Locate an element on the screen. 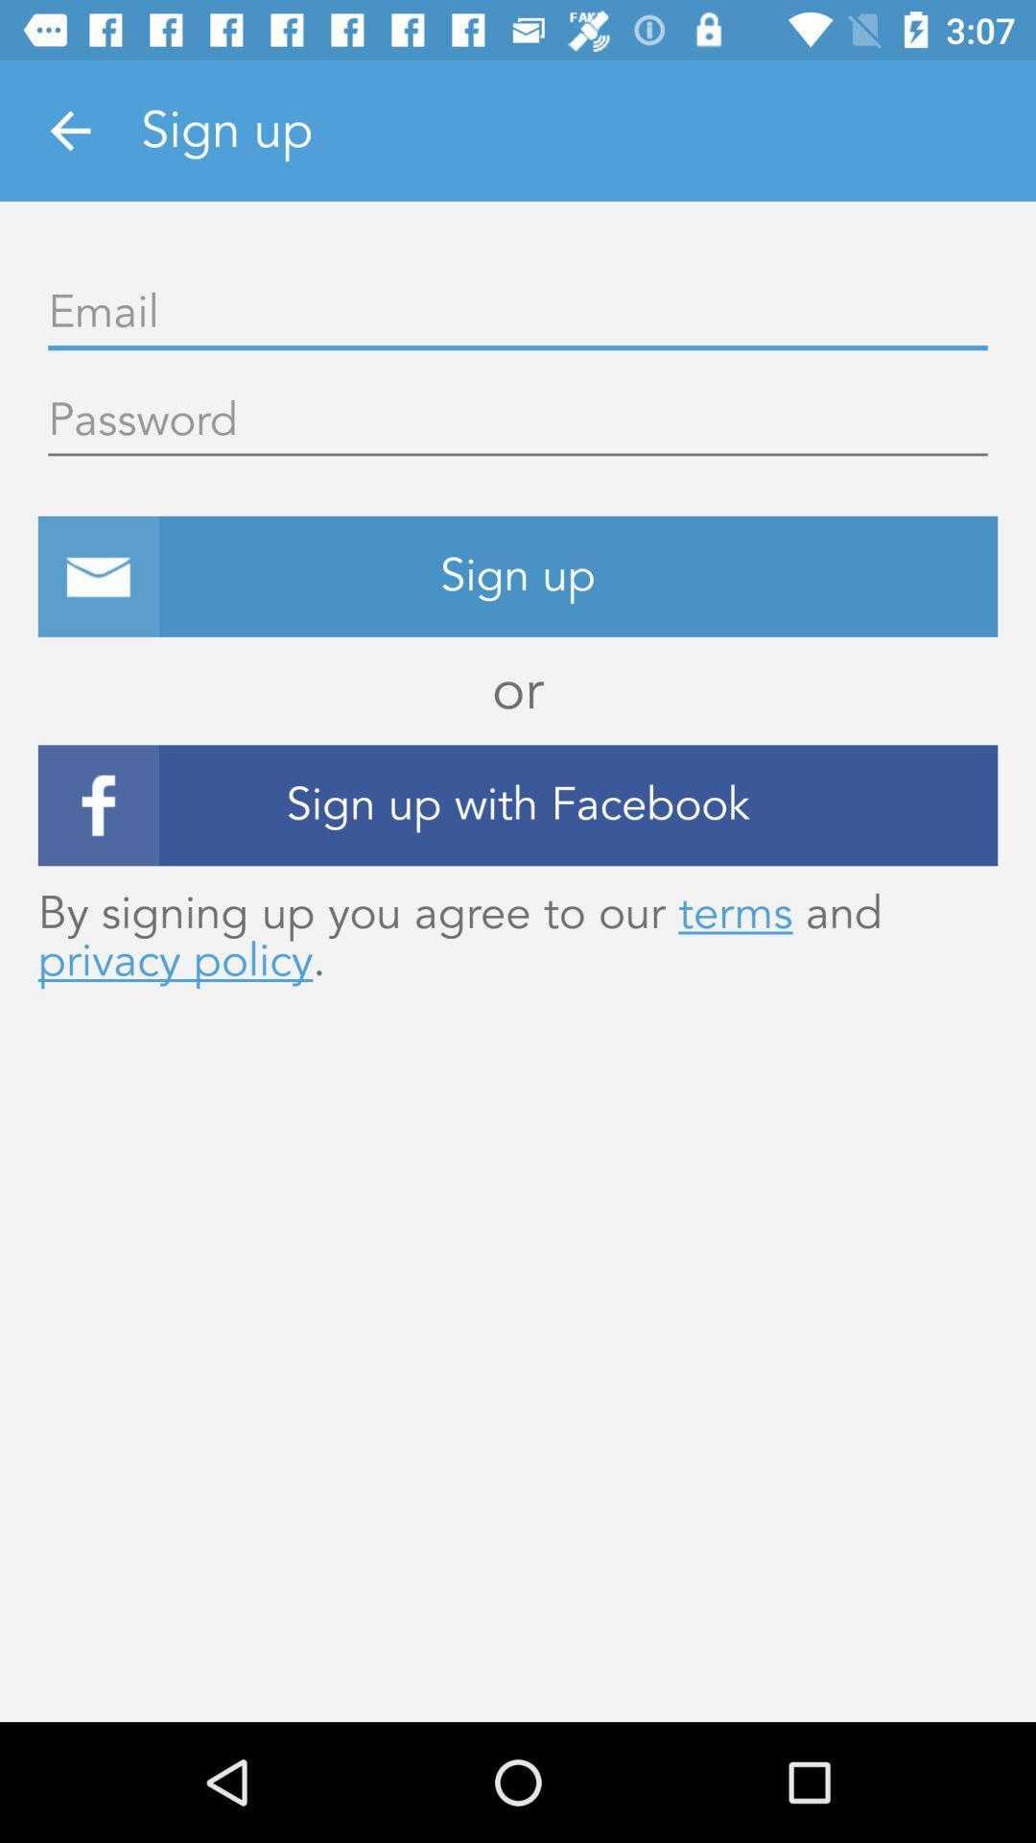  email to sign up is located at coordinates (518, 313).